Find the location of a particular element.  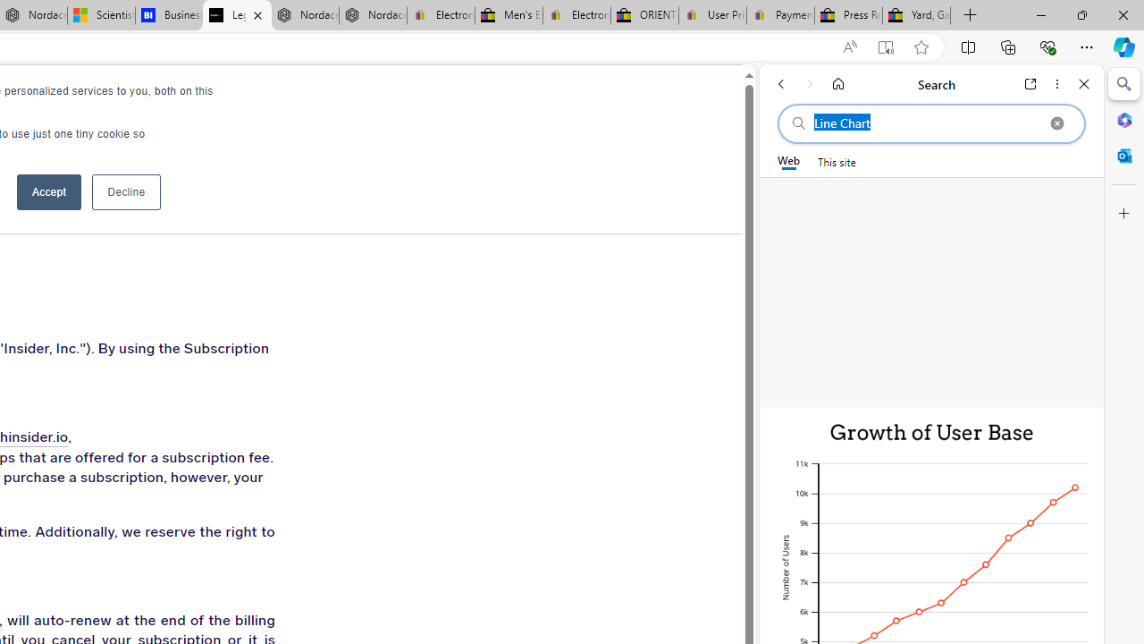

'Decline' is located at coordinates (125, 191).